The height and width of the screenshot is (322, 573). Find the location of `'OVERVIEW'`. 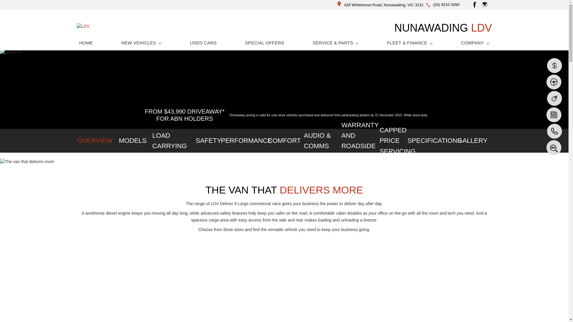

'OVERVIEW' is located at coordinates (76, 140).